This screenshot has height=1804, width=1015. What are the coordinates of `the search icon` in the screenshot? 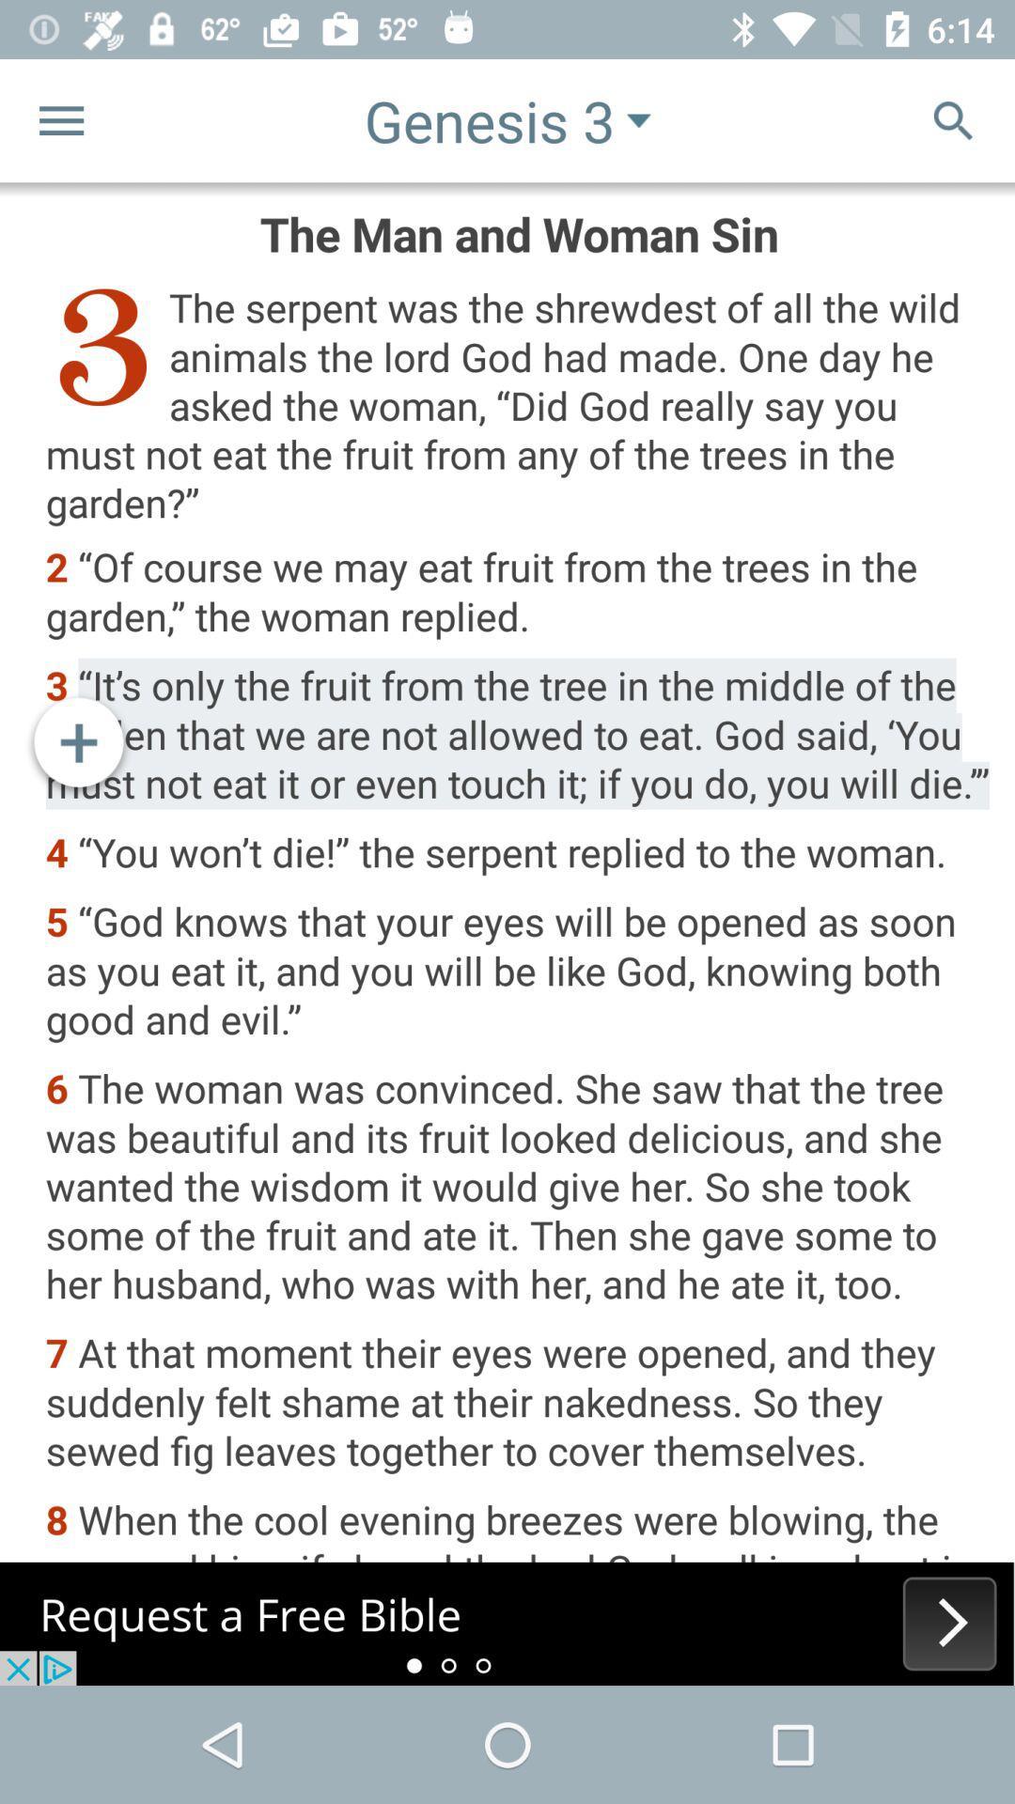 It's located at (953, 119).